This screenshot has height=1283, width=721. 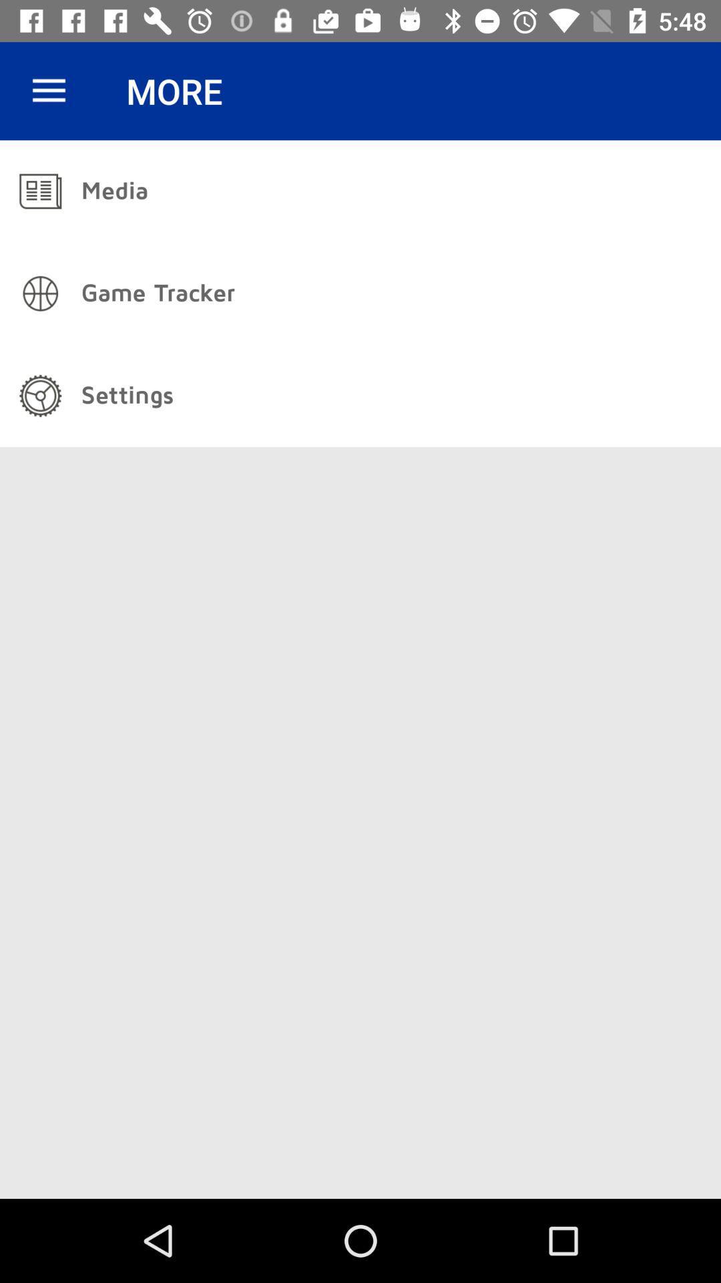 What do you see at coordinates (48, 90) in the screenshot?
I see `icon next to the more item` at bounding box center [48, 90].